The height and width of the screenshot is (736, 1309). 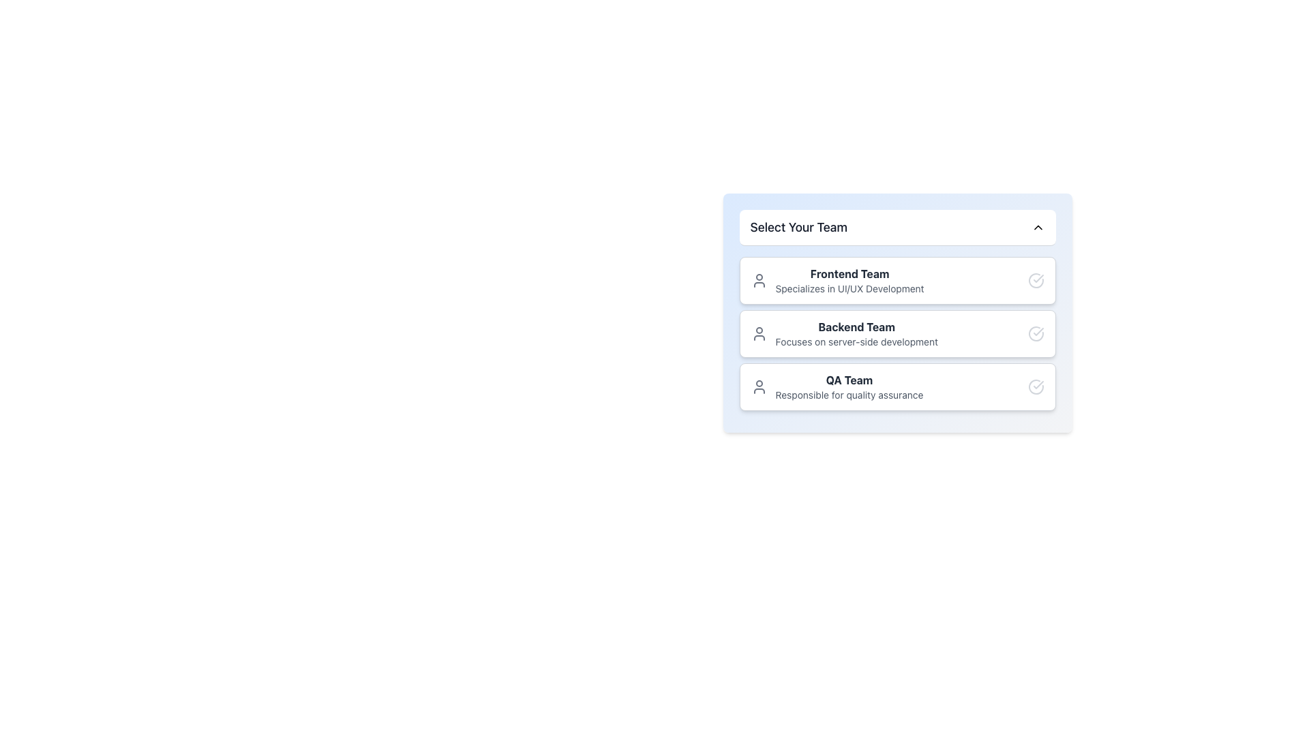 What do you see at coordinates (758, 386) in the screenshot?
I see `the user icon in grayscale style located to the left of the bold text 'QA Team' in the third item of the 'Select Your Team' list` at bounding box center [758, 386].